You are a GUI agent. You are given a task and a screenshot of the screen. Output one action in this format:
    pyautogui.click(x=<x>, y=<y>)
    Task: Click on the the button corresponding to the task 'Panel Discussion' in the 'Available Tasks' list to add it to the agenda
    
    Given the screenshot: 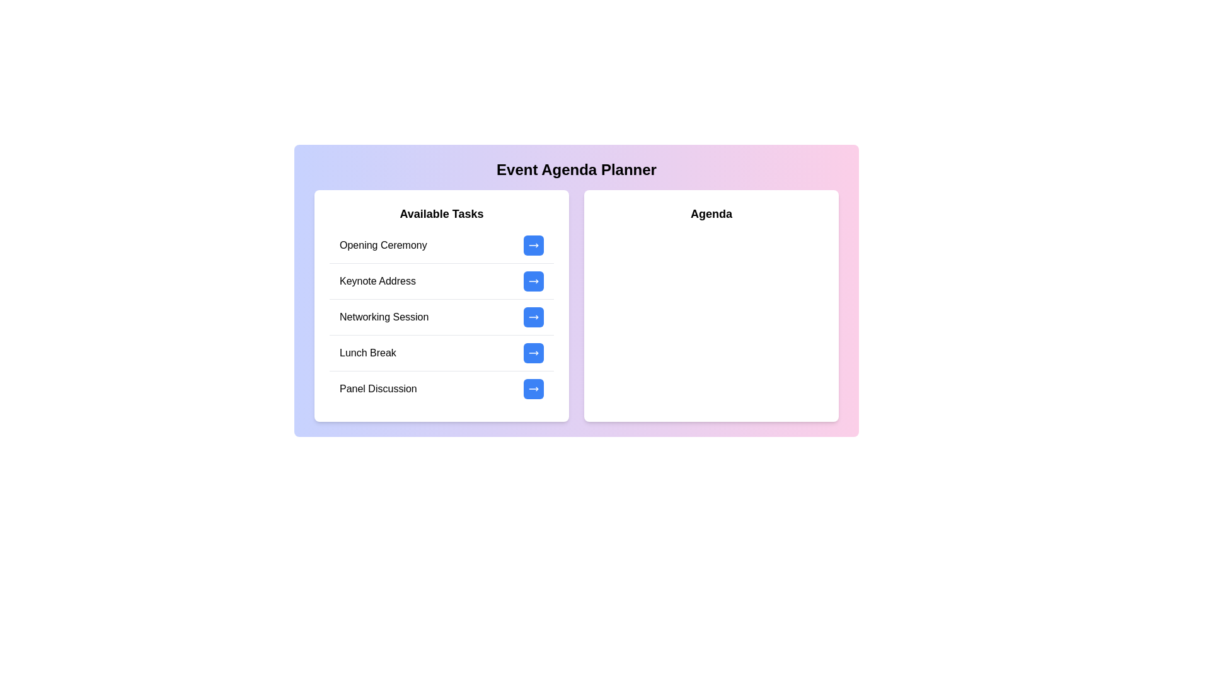 What is the action you would take?
    pyautogui.click(x=533, y=388)
    